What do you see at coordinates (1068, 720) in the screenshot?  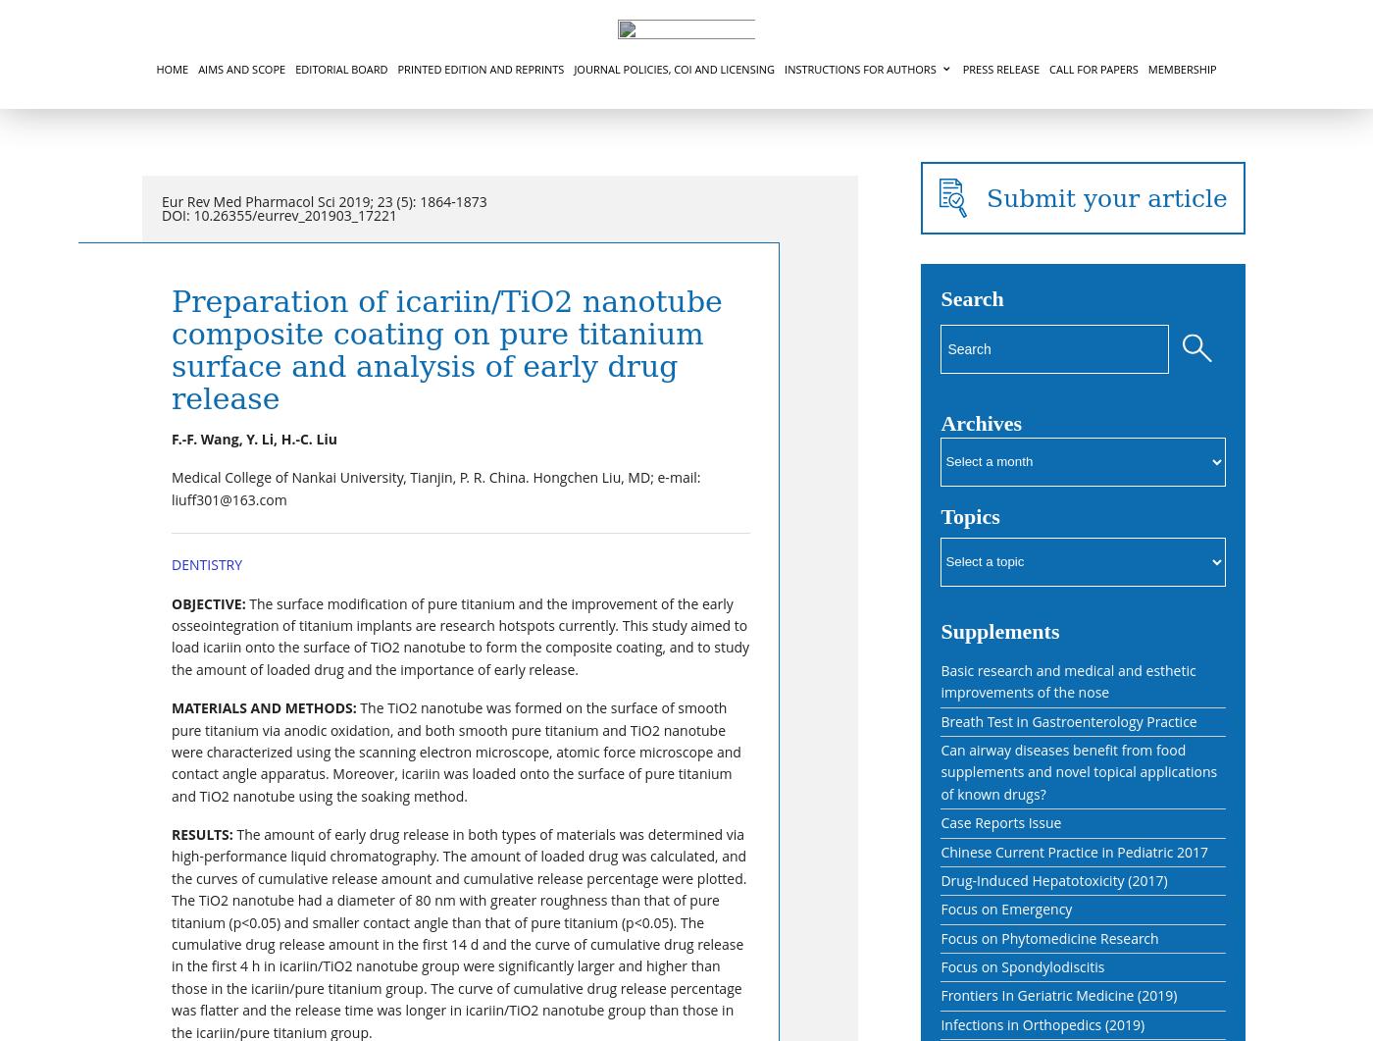 I see `'Breath Test in Gastroenterology Practice'` at bounding box center [1068, 720].